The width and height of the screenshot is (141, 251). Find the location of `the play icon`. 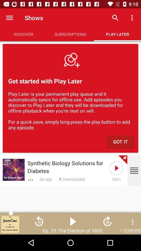

the play icon is located at coordinates (73, 223).